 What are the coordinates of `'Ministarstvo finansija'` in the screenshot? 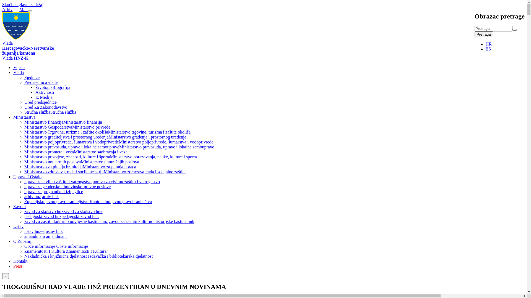 It's located at (82, 122).